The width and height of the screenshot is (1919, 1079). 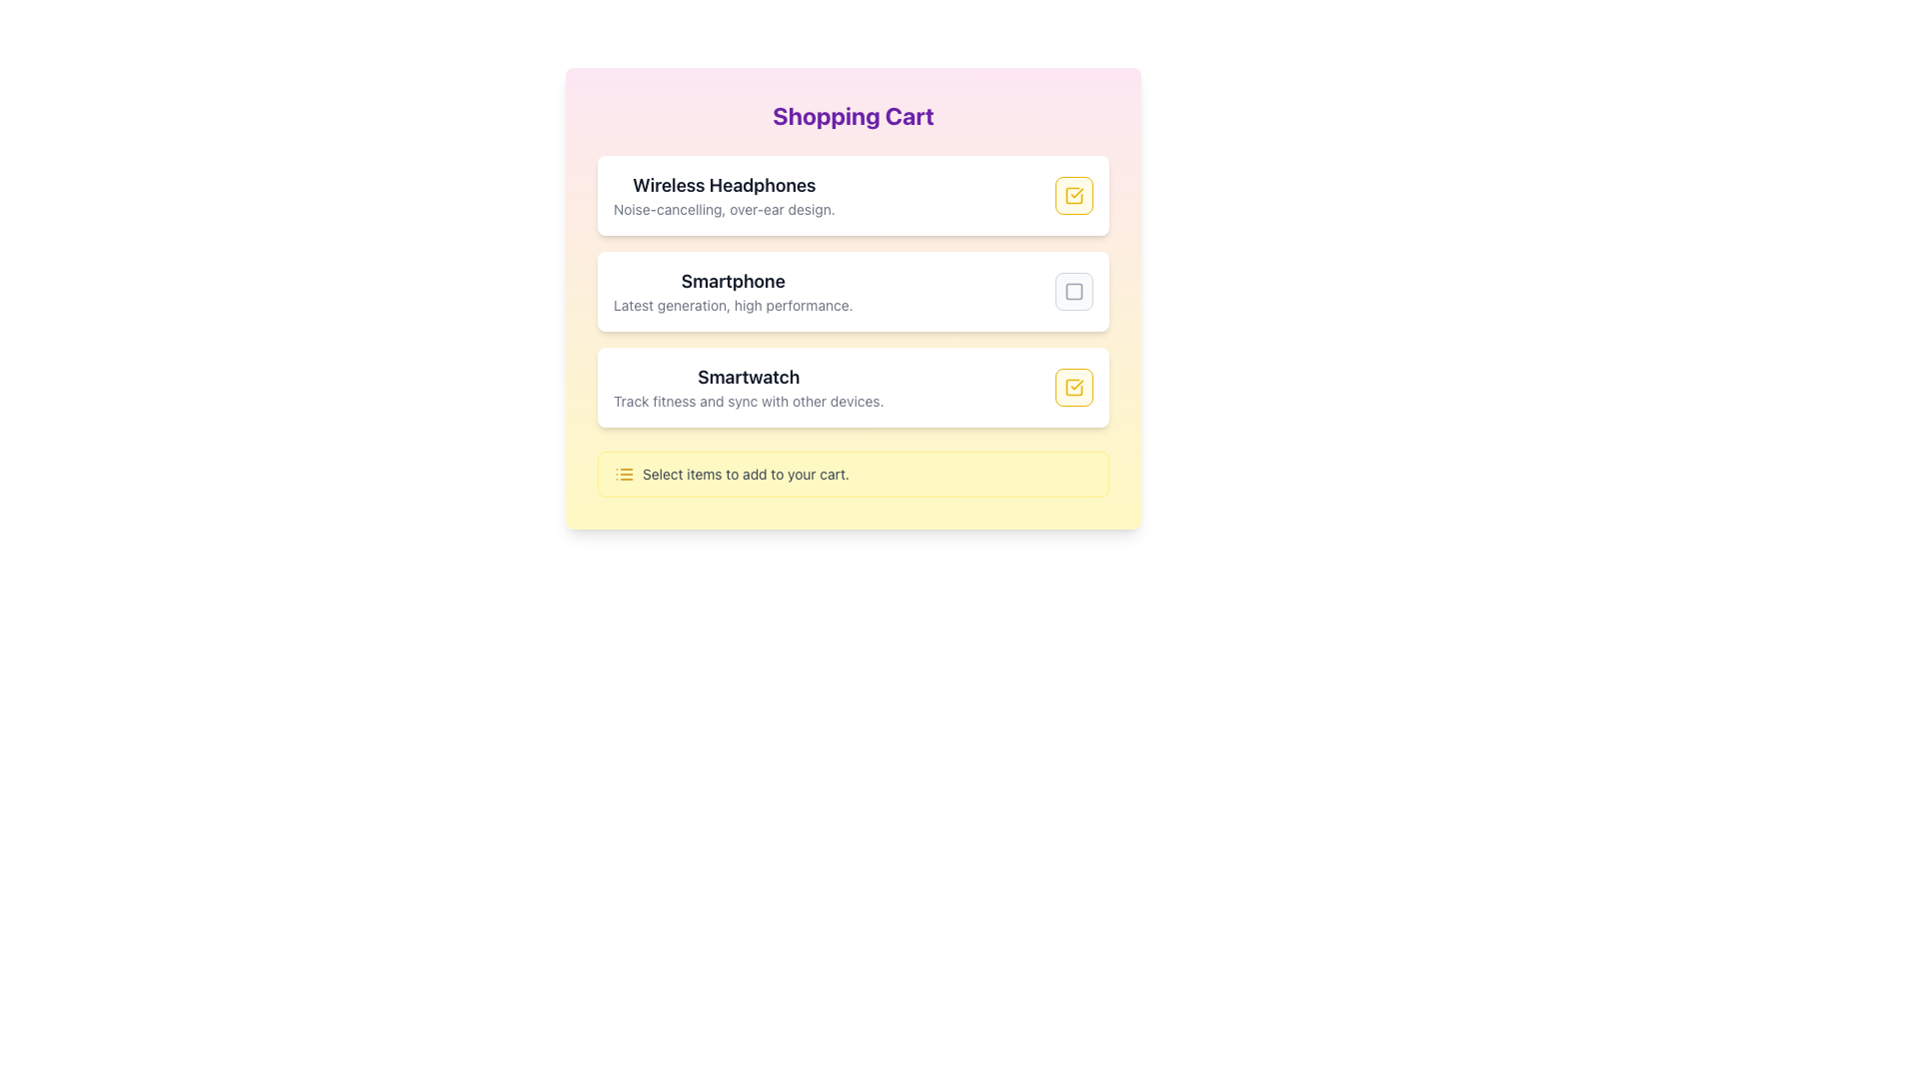 I want to click on product title and description of the Smartphone in the second product listing of the shopping-cart interface, located between Wireless Headphones and Smartwatch, so click(x=854, y=292).